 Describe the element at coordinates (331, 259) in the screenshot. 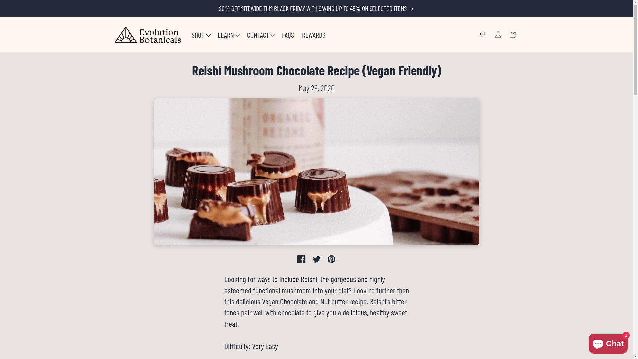

I see `'Pinterest'` at that location.